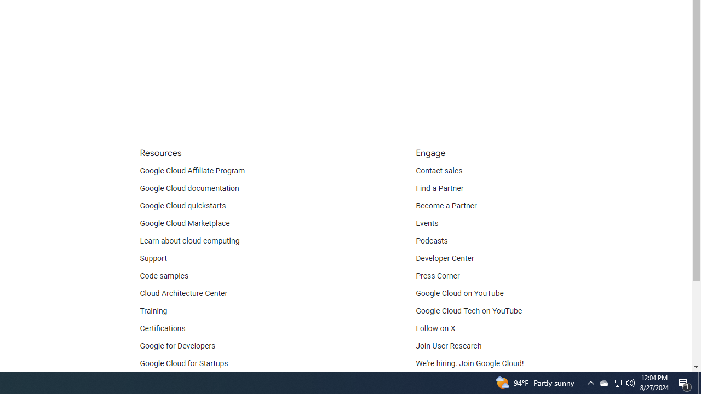  What do you see at coordinates (189, 188) in the screenshot?
I see `'Google Cloud documentation'` at bounding box center [189, 188].